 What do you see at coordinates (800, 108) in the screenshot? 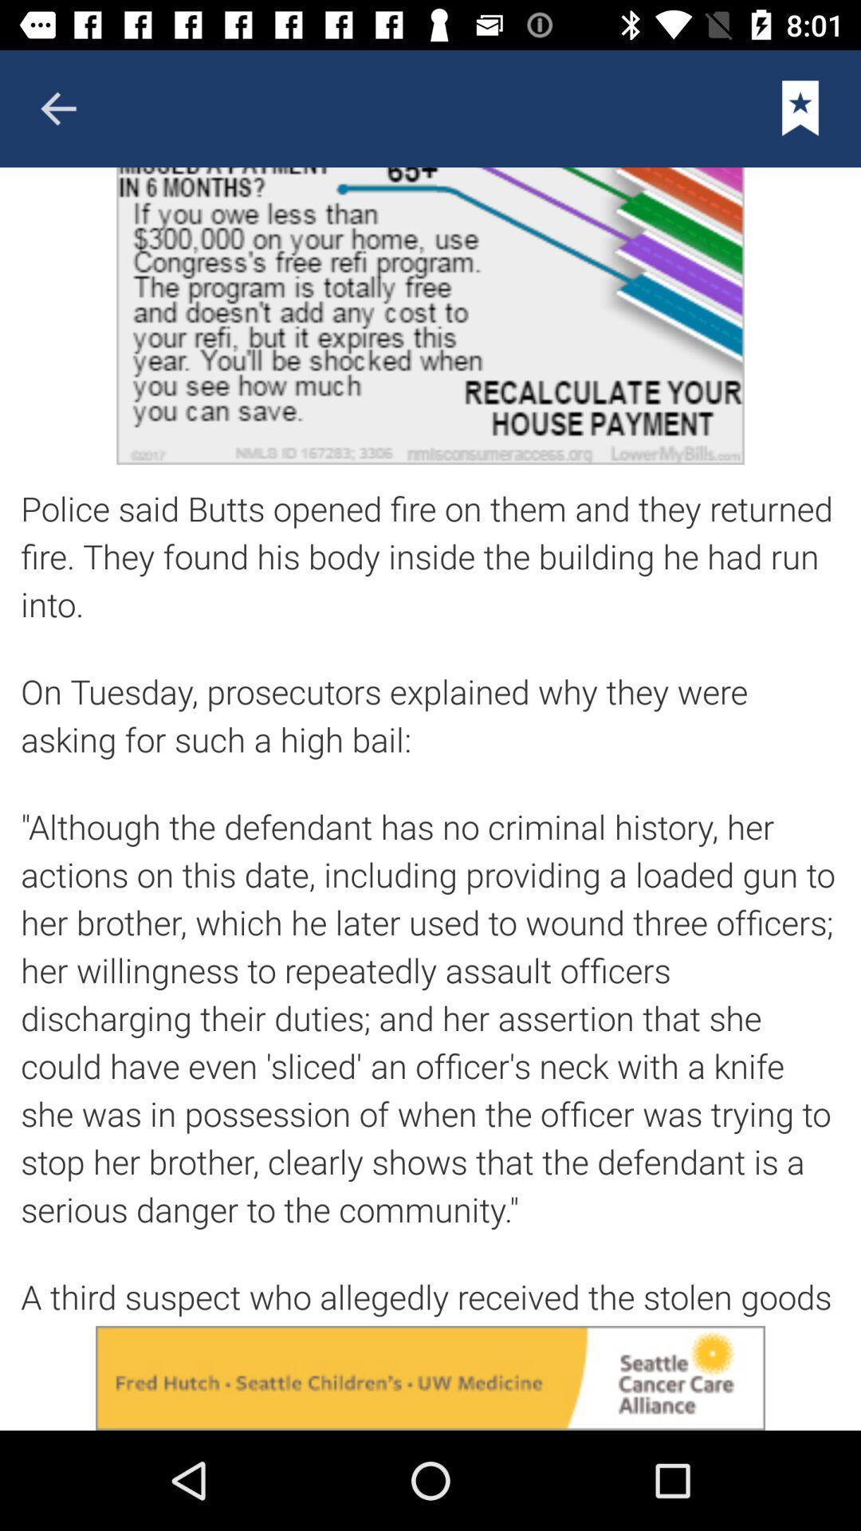
I see `the bookmark icon` at bounding box center [800, 108].